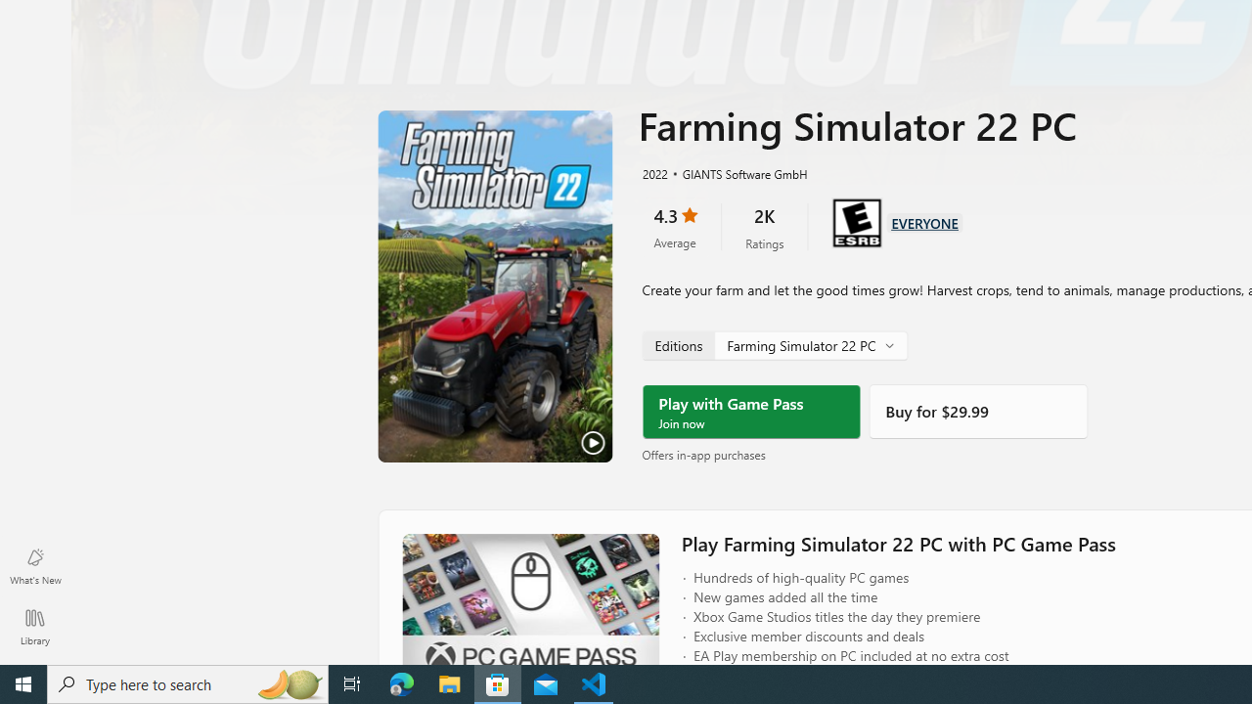  What do you see at coordinates (495, 286) in the screenshot?
I see `'Play Trailer'` at bounding box center [495, 286].